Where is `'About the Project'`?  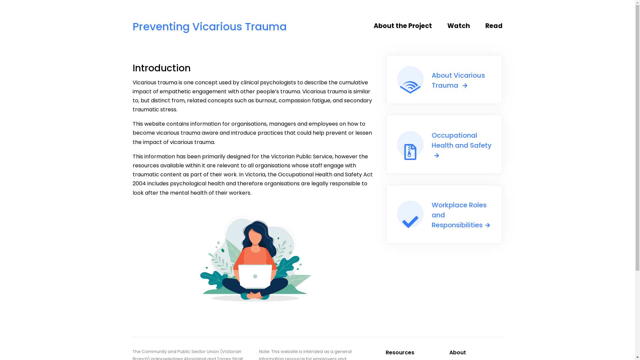
'About the Project' is located at coordinates (407, 26).